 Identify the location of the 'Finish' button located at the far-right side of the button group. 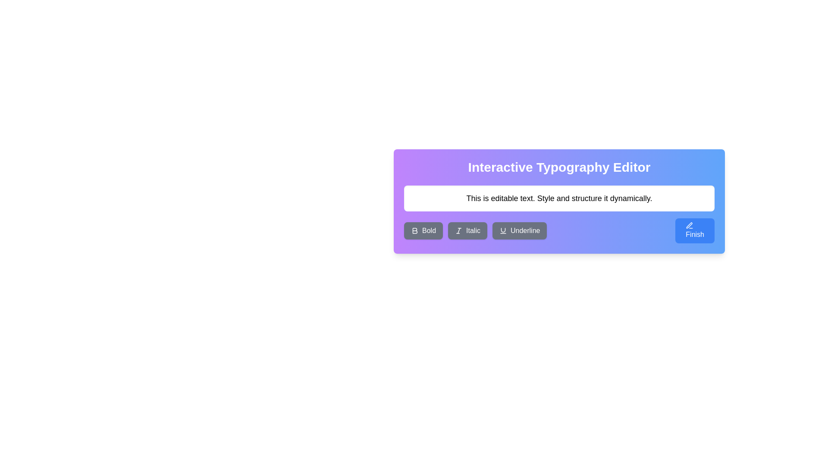
(695, 230).